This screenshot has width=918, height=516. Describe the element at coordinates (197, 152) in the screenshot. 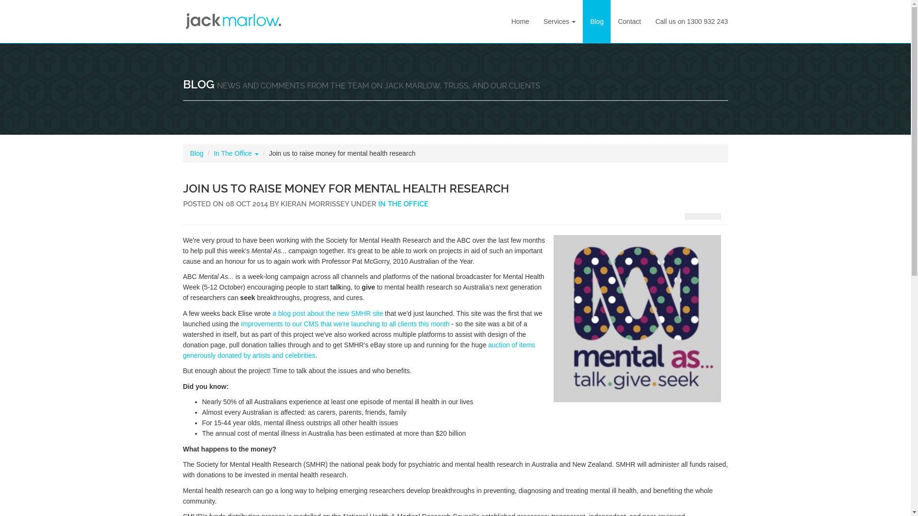

I see `'Blog'` at that location.